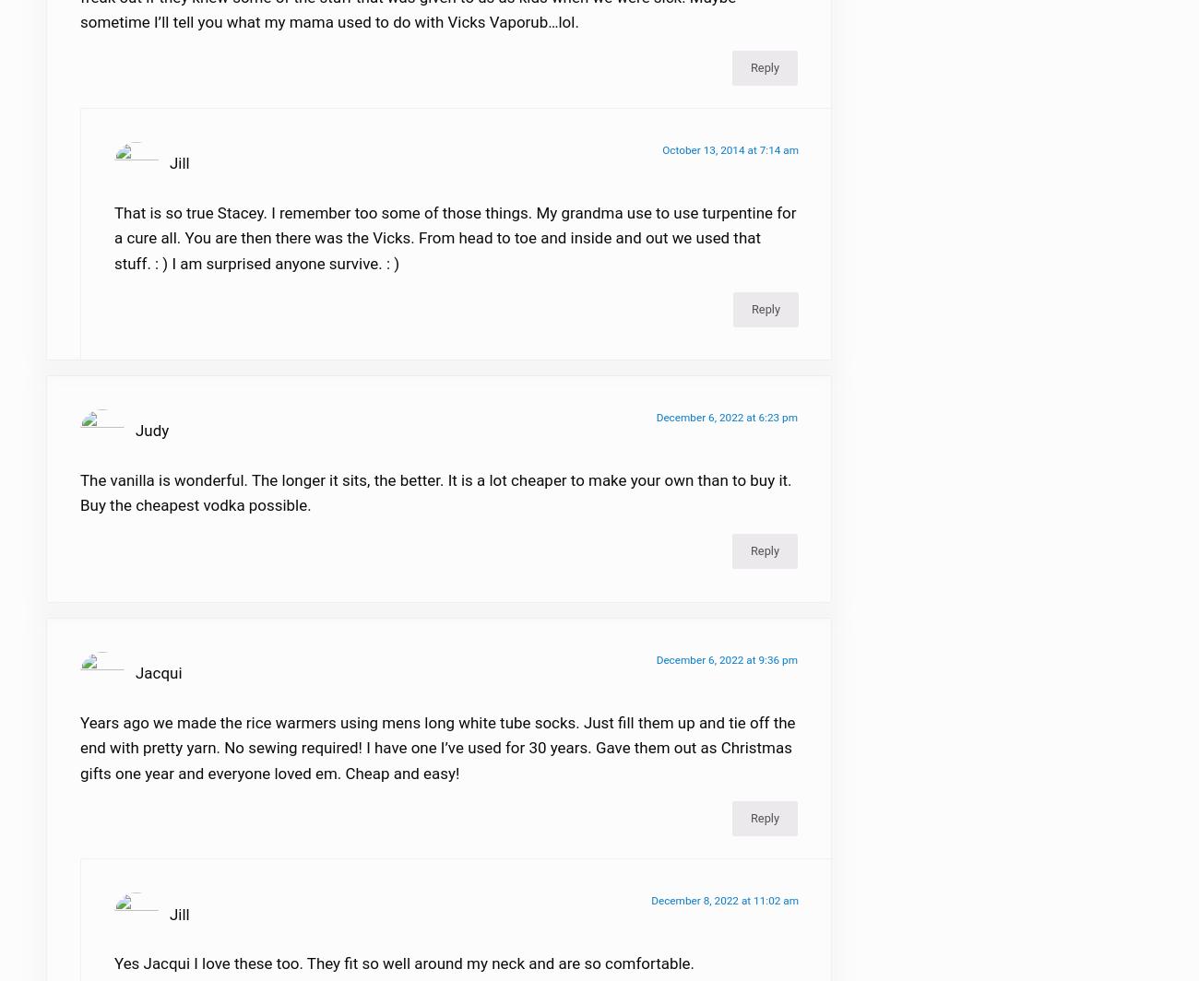 This screenshot has height=981, width=1199. Describe the element at coordinates (434, 503) in the screenshot. I see `'The vanilla is wonderful. The longer it sits, the better. It is a lot cheaper to make your own than to buy it. Buy the cheapest vodka possible.'` at that location.